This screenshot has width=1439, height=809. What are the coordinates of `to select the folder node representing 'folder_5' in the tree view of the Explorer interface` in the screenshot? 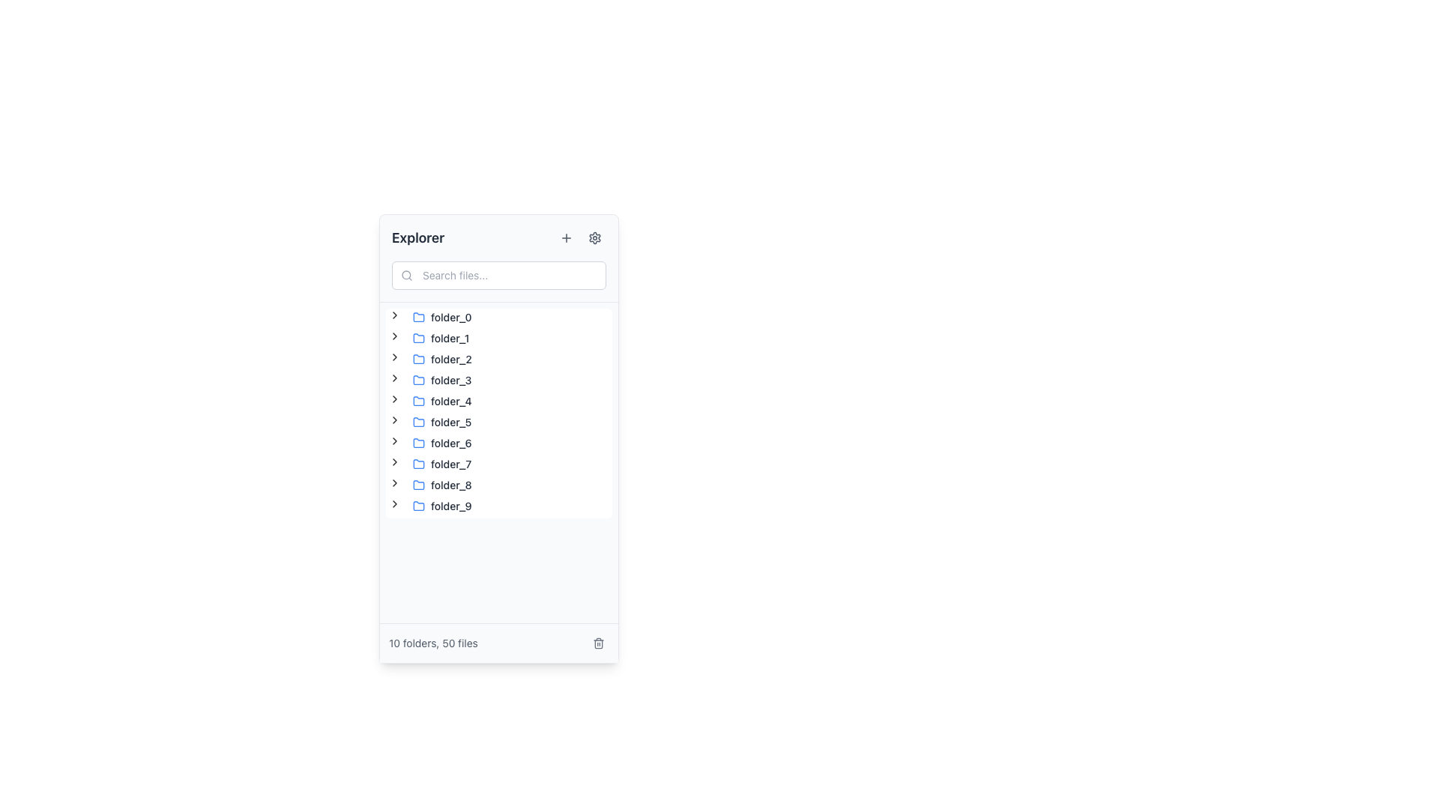 It's located at (441, 422).